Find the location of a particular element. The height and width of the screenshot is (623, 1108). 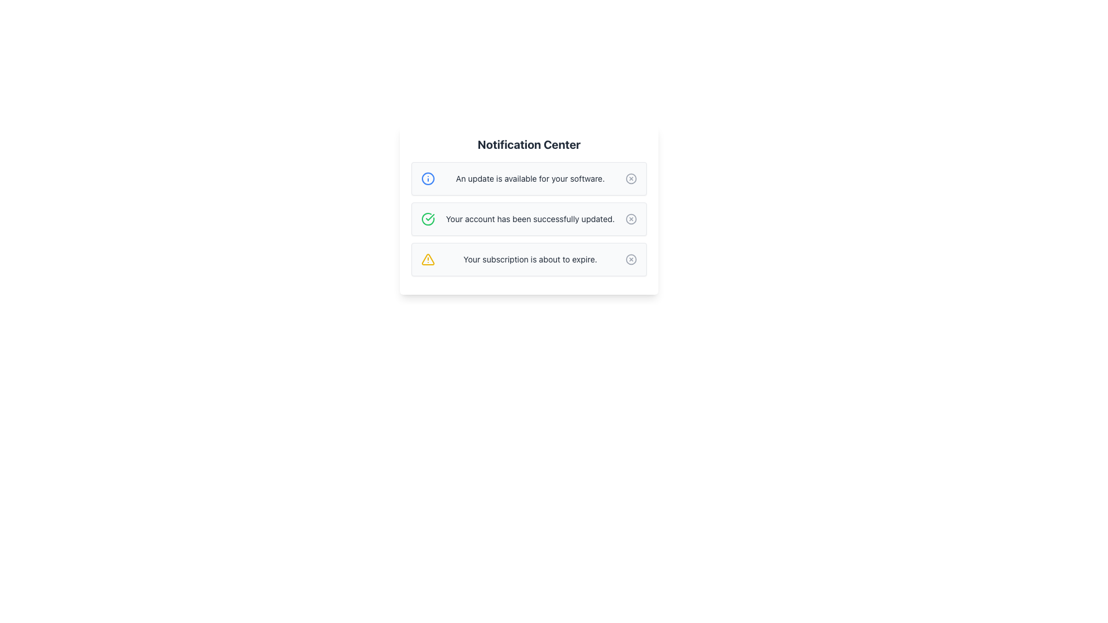

the informational message about an available software update located directly below the 'Notification Center' heading is located at coordinates (529, 178).